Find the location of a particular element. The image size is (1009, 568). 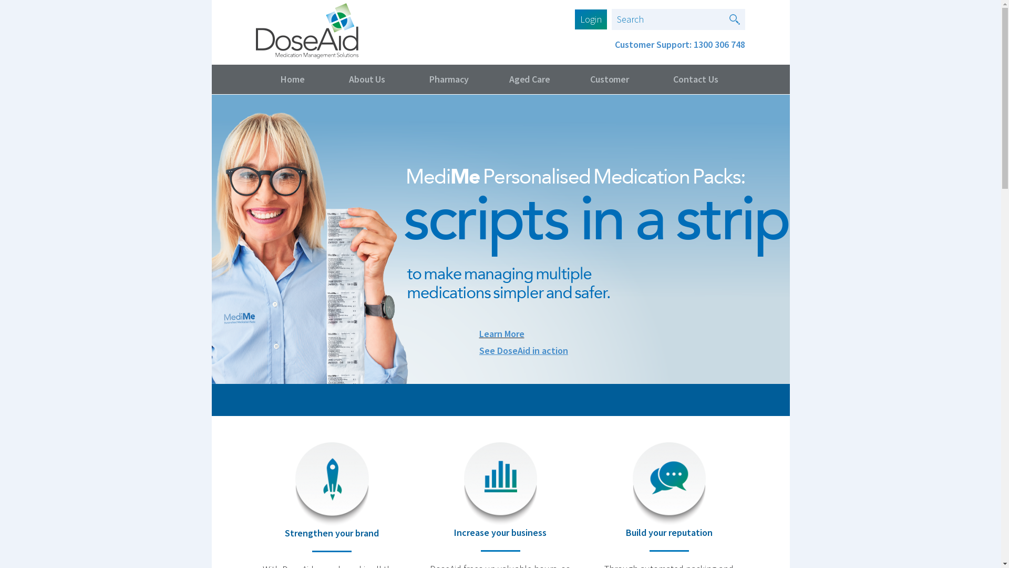

'Home' is located at coordinates (255, 78).